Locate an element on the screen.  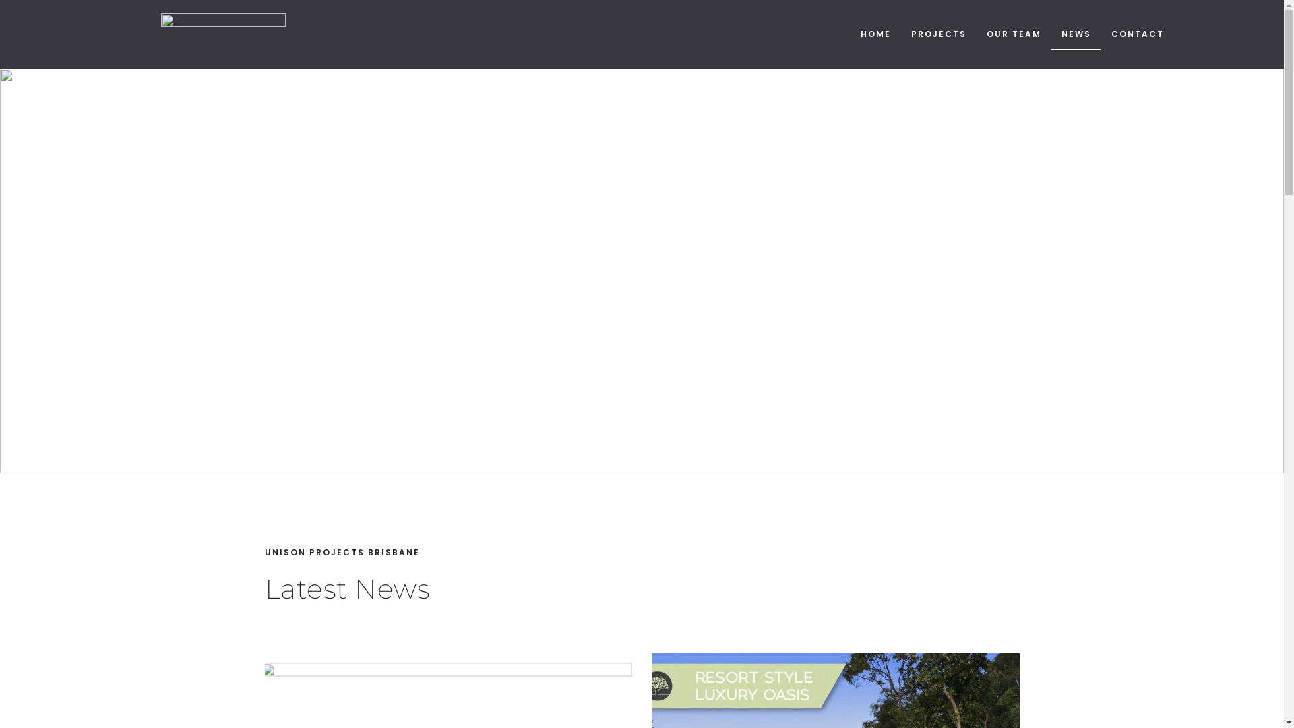
'PROJECTS' is located at coordinates (937, 33).